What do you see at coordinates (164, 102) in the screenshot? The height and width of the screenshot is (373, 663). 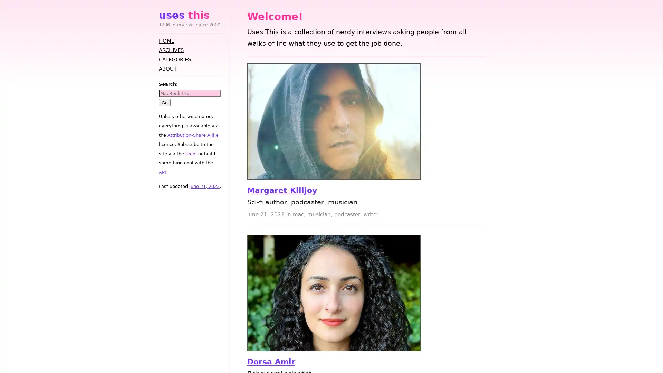 I see `Go` at bounding box center [164, 102].